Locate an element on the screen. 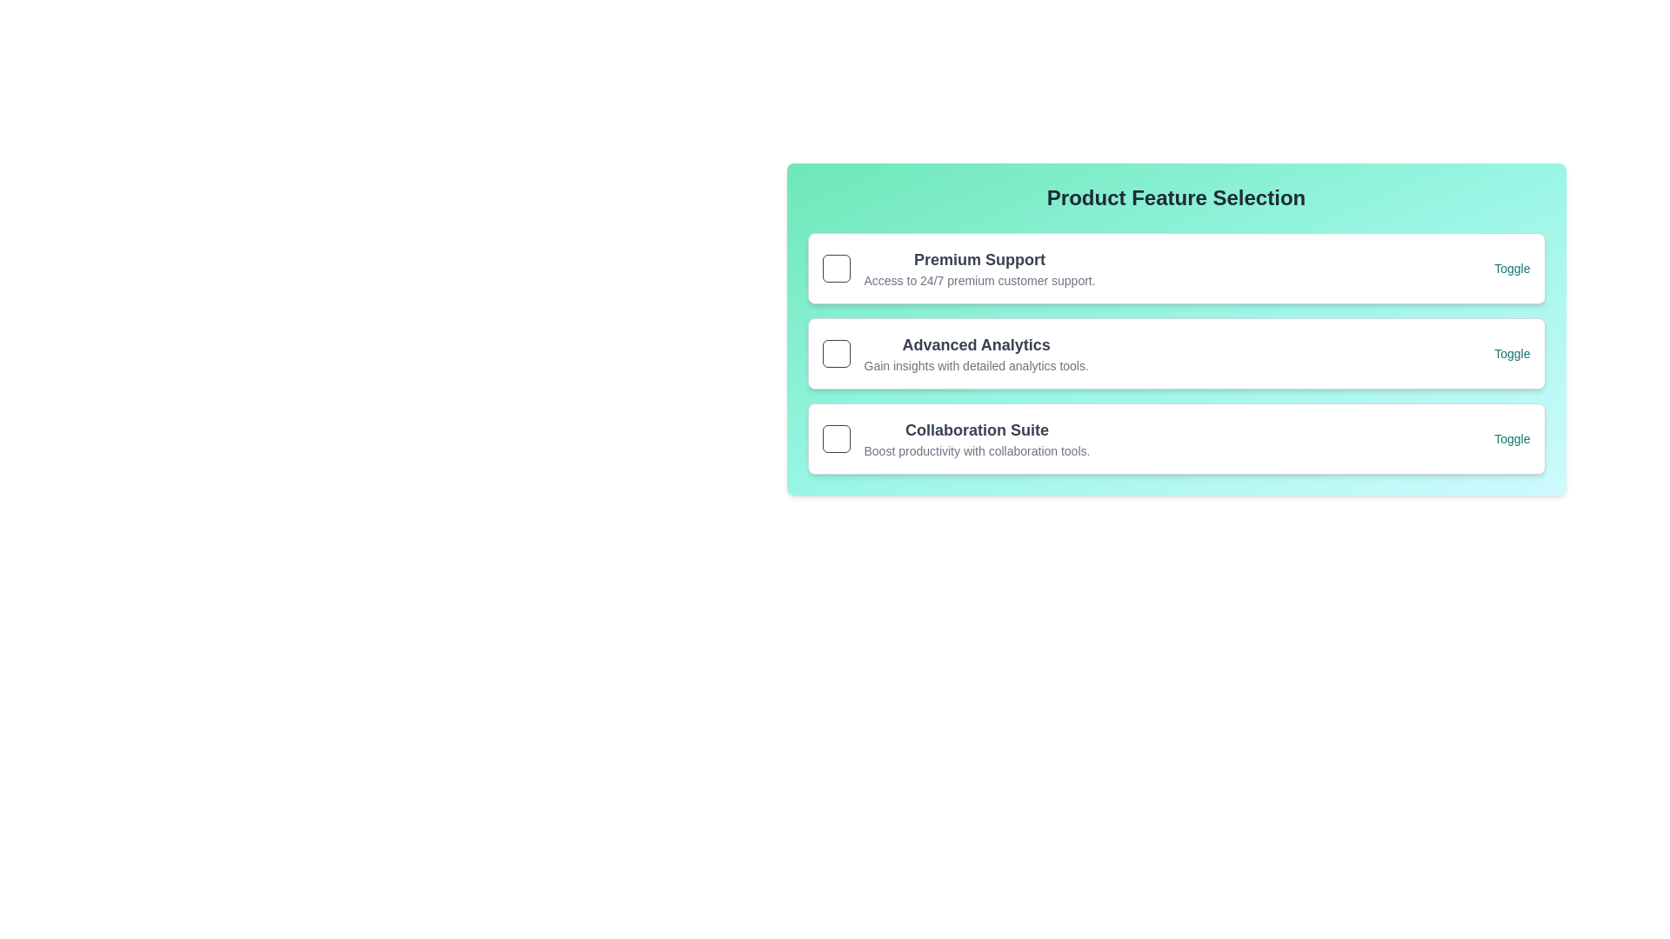 Image resolution: width=1670 pixels, height=939 pixels. text for feature information from the third item in the feature selection list, which enables the 'Collaboration Suite' feature located below the 'Advanced Analytics' entry is located at coordinates (955, 438).